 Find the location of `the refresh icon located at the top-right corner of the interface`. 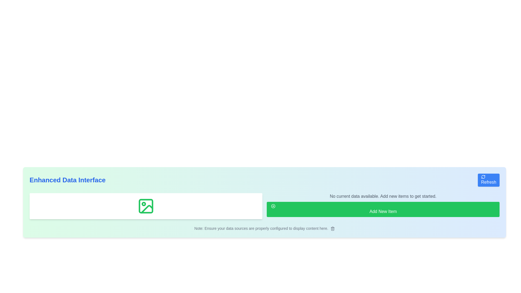

the refresh icon located at the top-right corner of the interface is located at coordinates (483, 177).